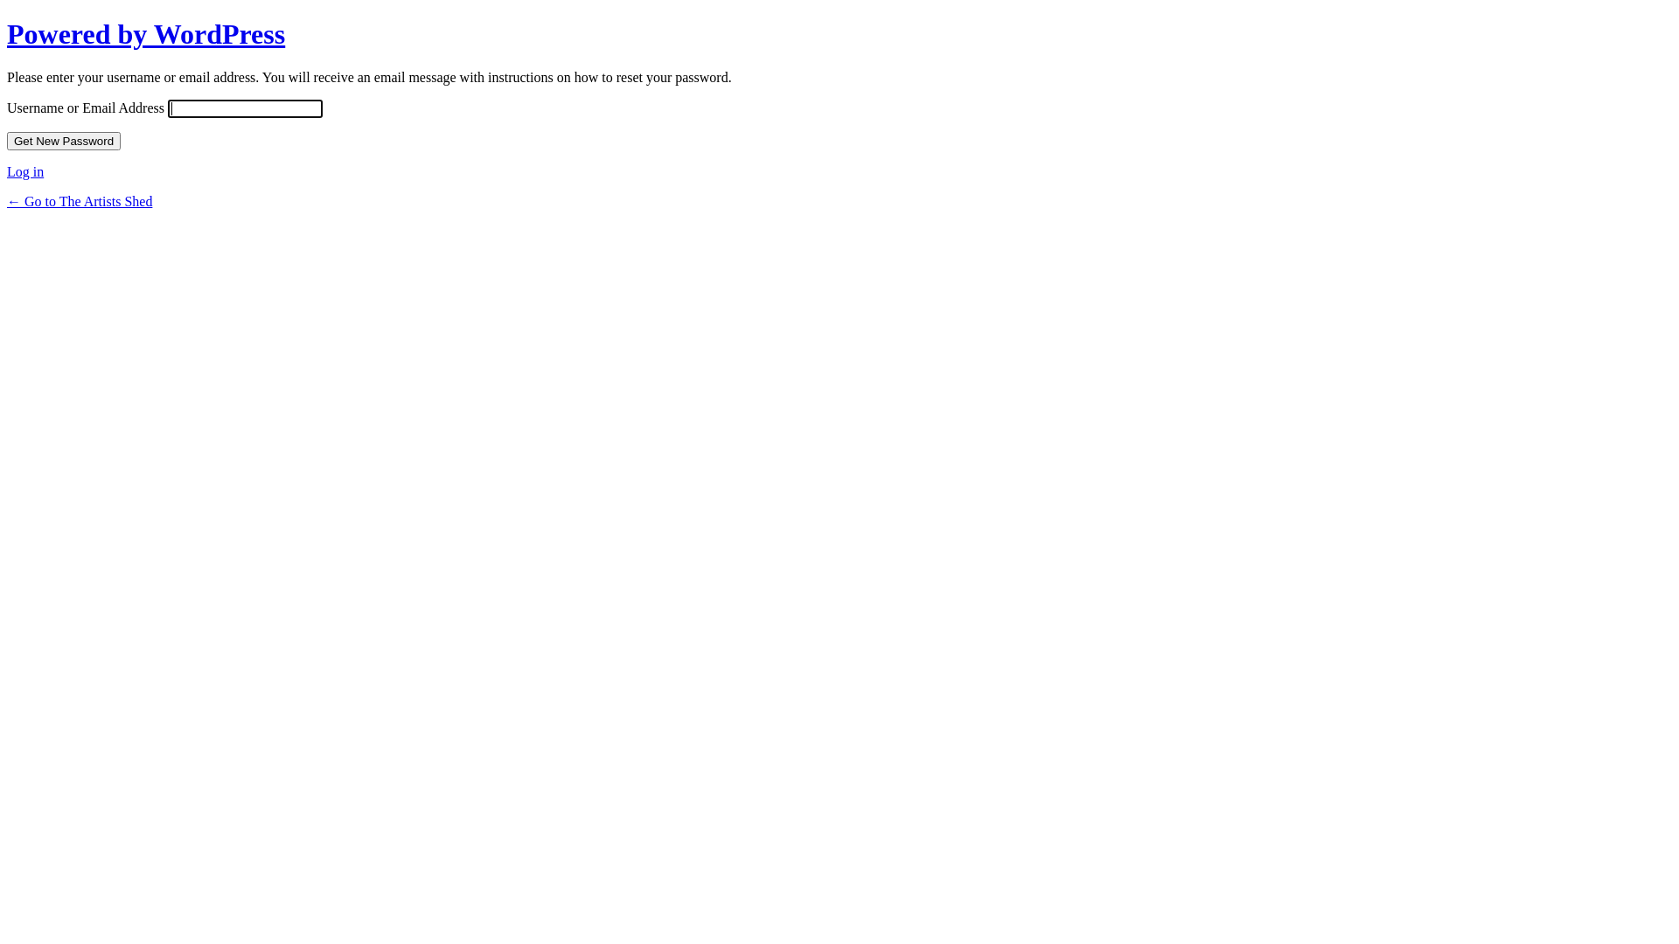  What do you see at coordinates (24, 171) in the screenshot?
I see `'Log in'` at bounding box center [24, 171].